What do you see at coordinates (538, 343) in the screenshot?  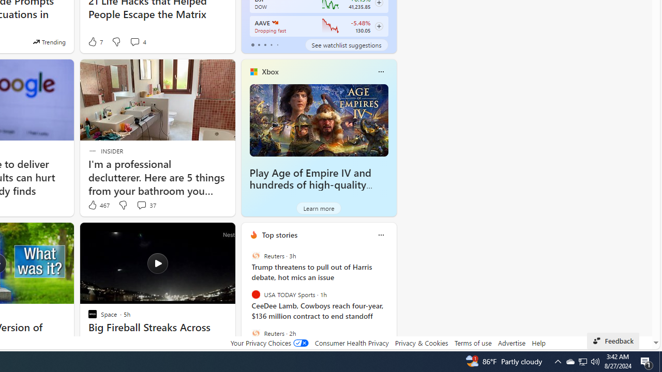 I see `'Help'` at bounding box center [538, 343].